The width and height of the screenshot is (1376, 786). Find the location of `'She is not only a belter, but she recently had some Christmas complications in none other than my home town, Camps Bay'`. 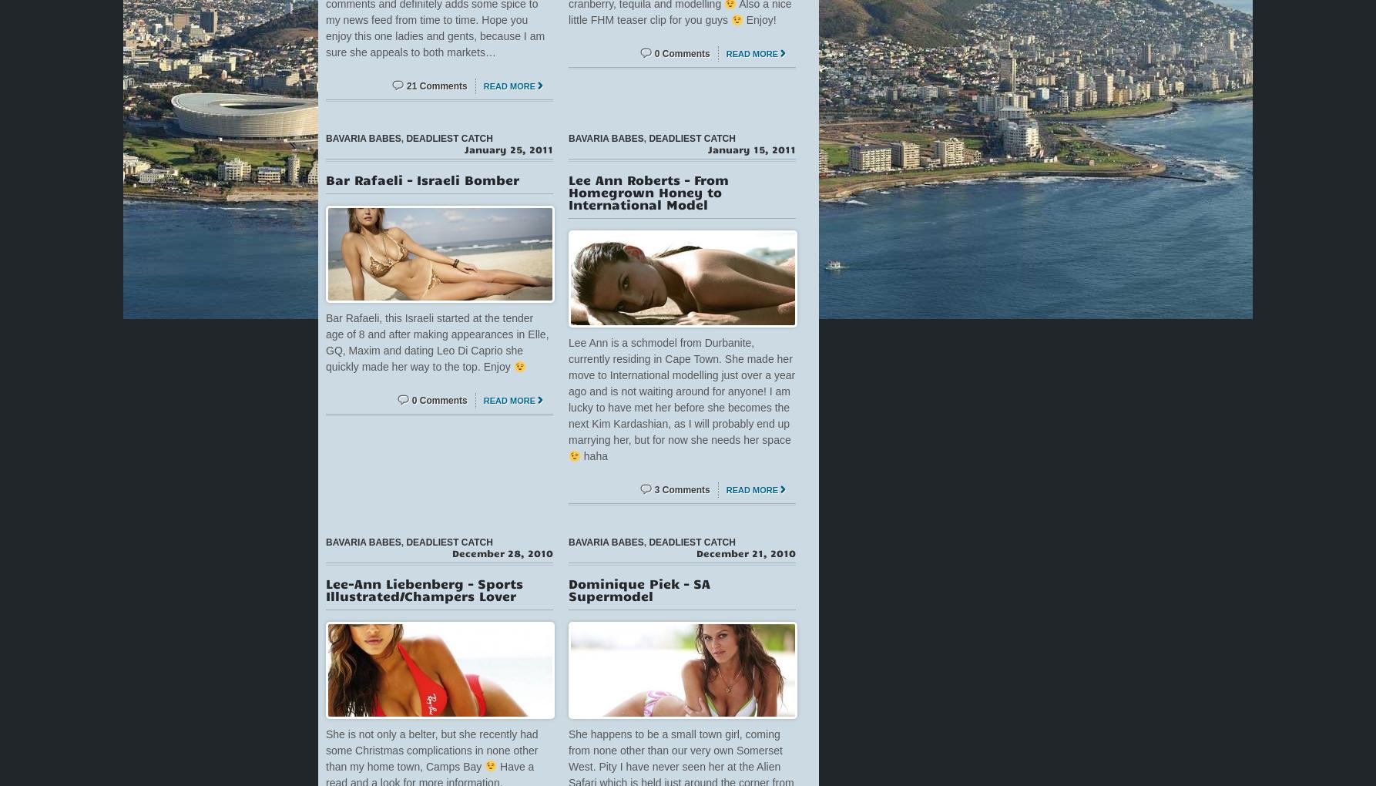

'She is not only a belter, but she recently had some Christmas complications in none other than my home town, Camps Bay' is located at coordinates (431, 748).